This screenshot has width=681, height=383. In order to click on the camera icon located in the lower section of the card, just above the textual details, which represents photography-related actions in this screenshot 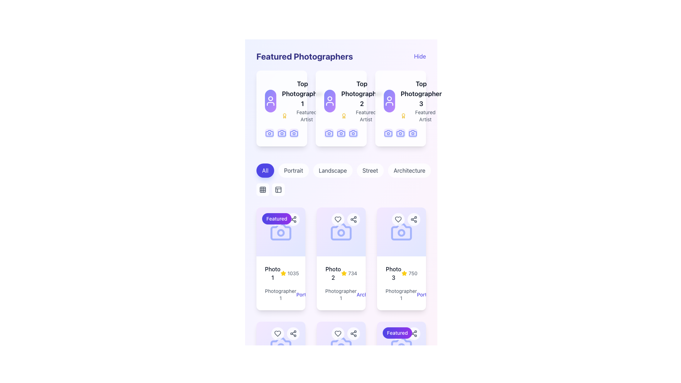, I will do `click(281, 345)`.